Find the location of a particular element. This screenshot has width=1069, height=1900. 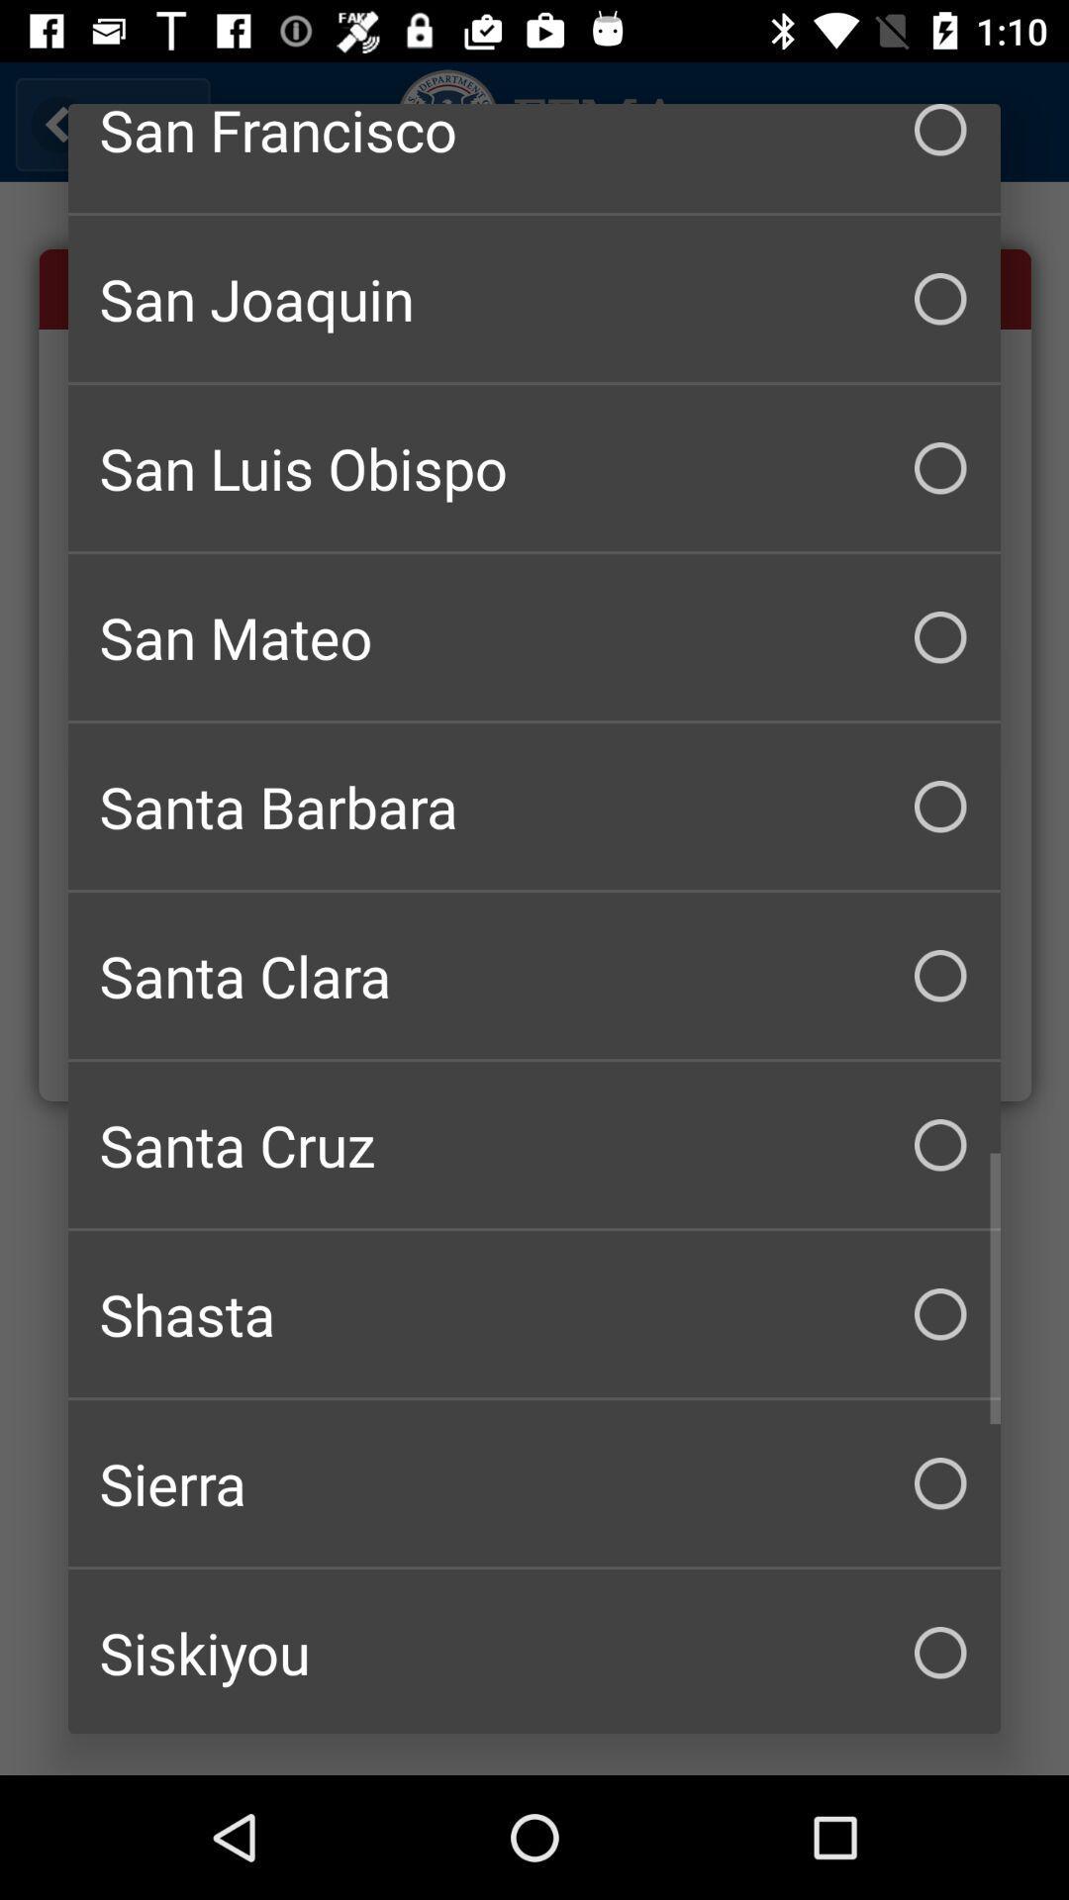

santa clara icon is located at coordinates (534, 976).